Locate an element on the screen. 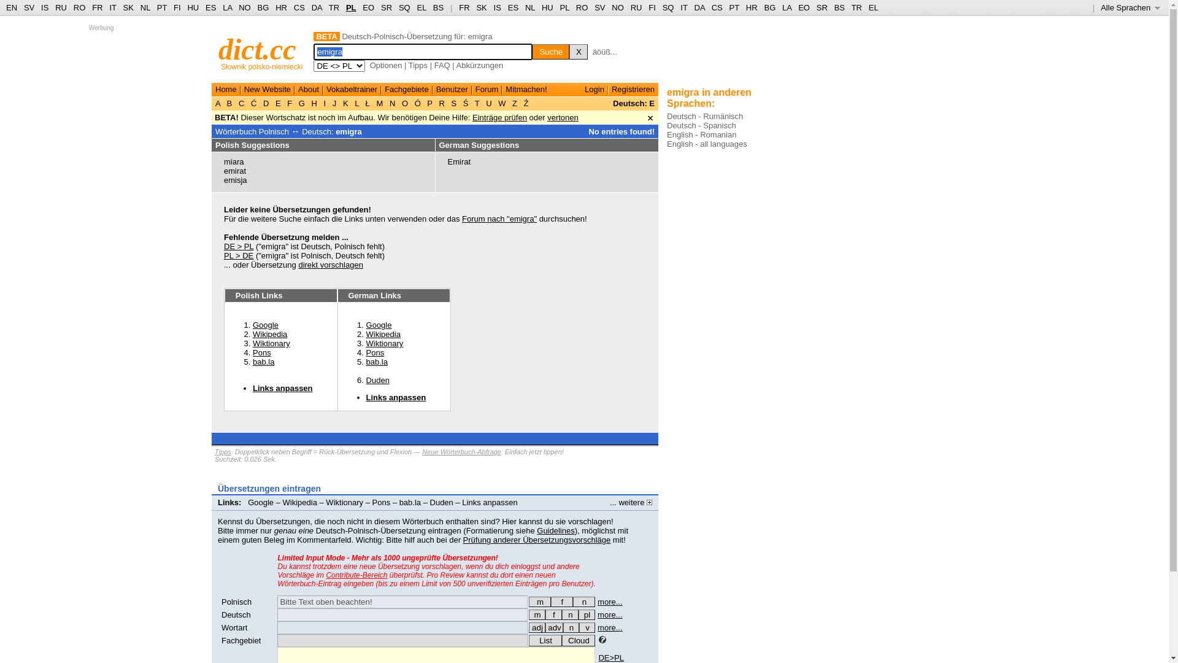 The width and height of the screenshot is (1178, 663). 'J' is located at coordinates (334, 103).